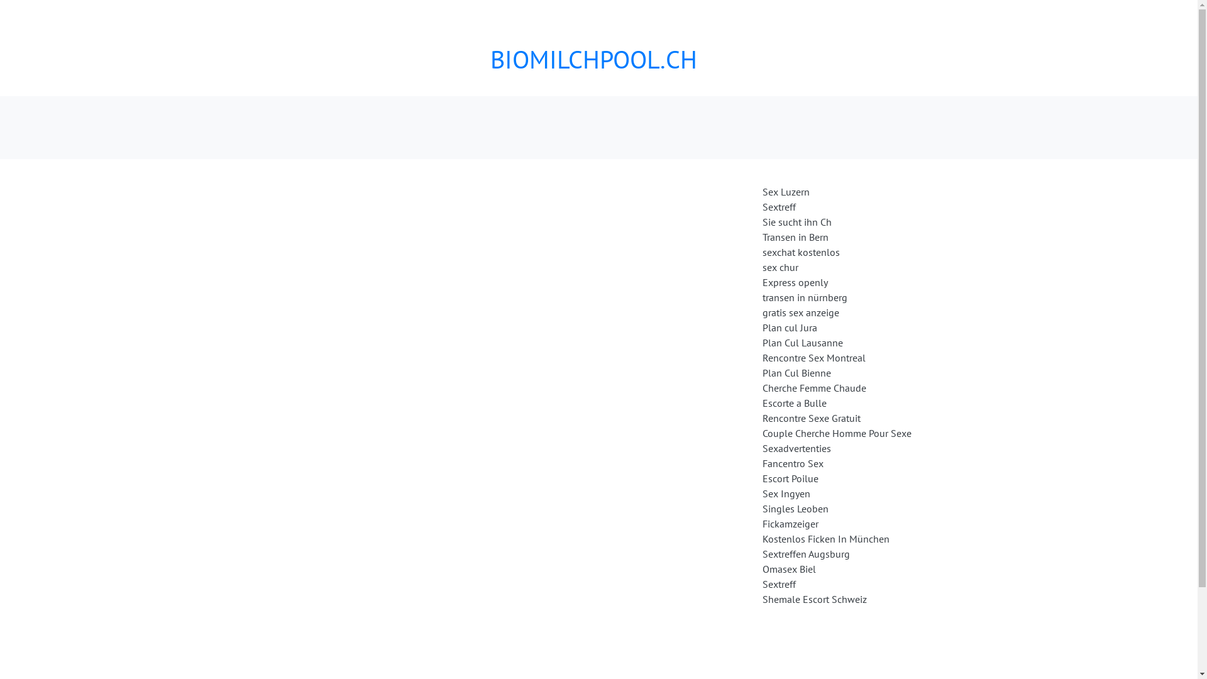 This screenshot has width=1207, height=679. Describe the element at coordinates (779, 266) in the screenshot. I see `'sex chur'` at that location.